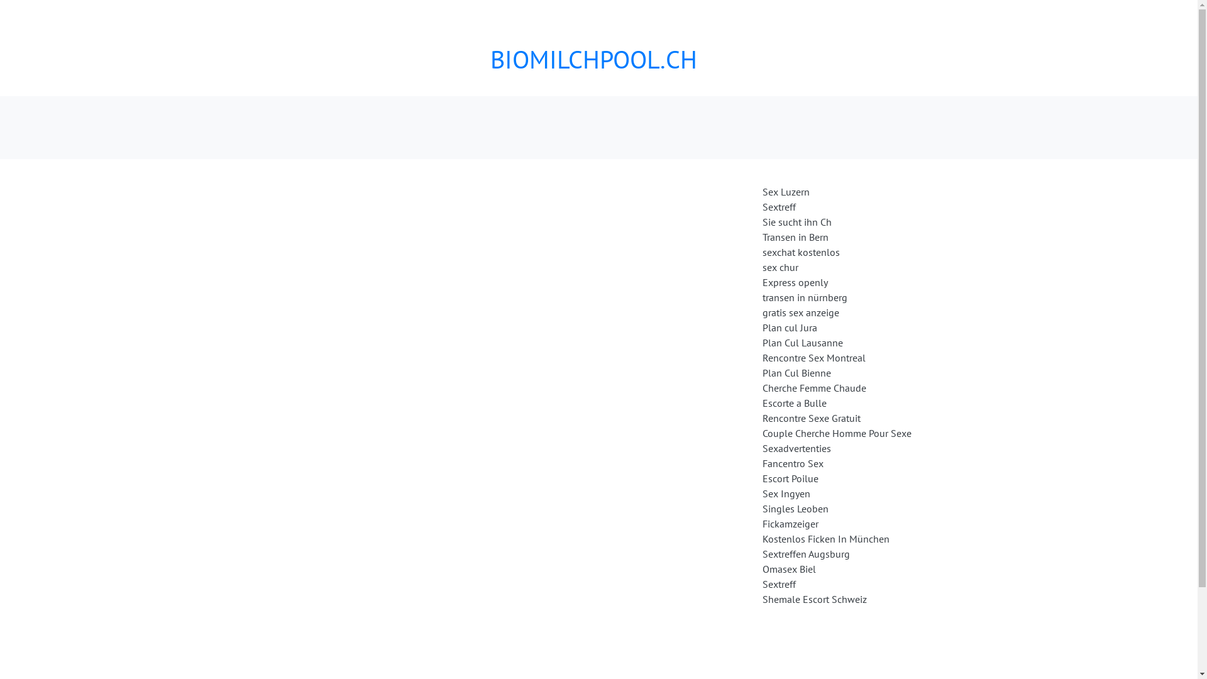 This screenshot has width=1207, height=679. Describe the element at coordinates (779, 266) in the screenshot. I see `'sex chur'` at that location.